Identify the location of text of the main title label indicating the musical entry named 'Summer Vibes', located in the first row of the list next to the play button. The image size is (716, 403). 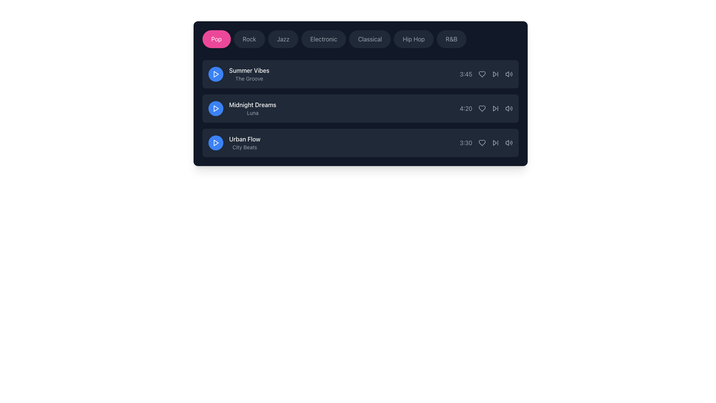
(249, 71).